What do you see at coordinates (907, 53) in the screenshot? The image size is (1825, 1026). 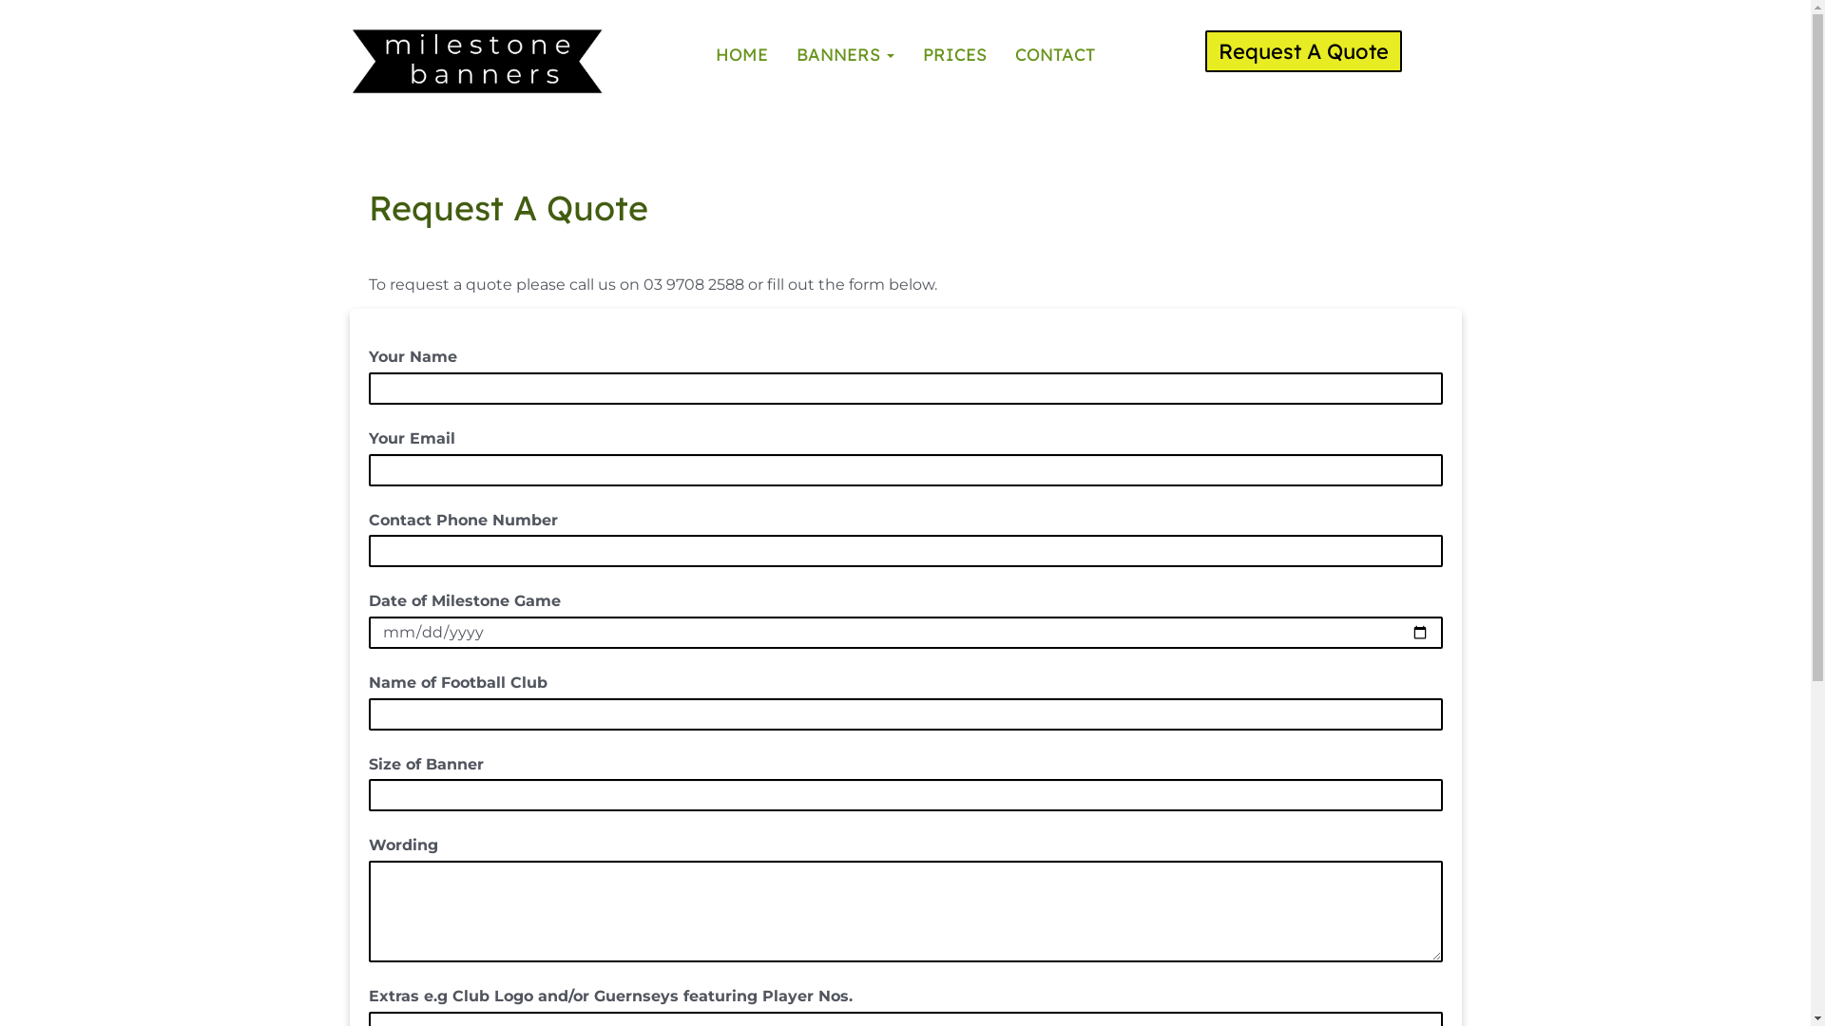 I see `'PRICES'` at bounding box center [907, 53].